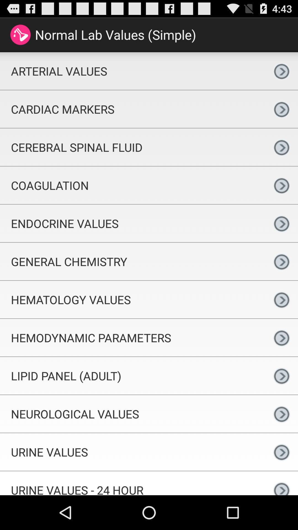  What do you see at coordinates (132, 375) in the screenshot?
I see `the icon above neurological values app` at bounding box center [132, 375].